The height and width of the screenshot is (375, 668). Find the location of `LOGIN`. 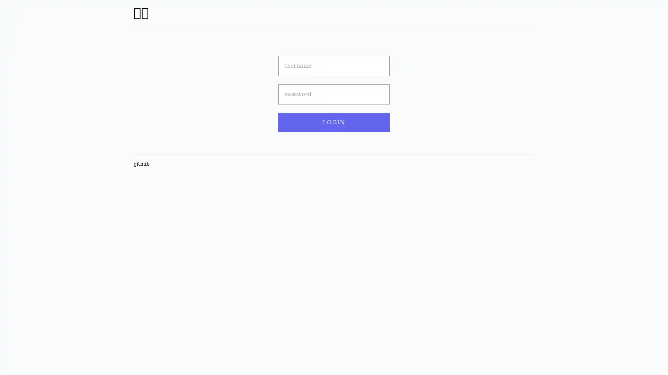

LOGIN is located at coordinates (334, 122).